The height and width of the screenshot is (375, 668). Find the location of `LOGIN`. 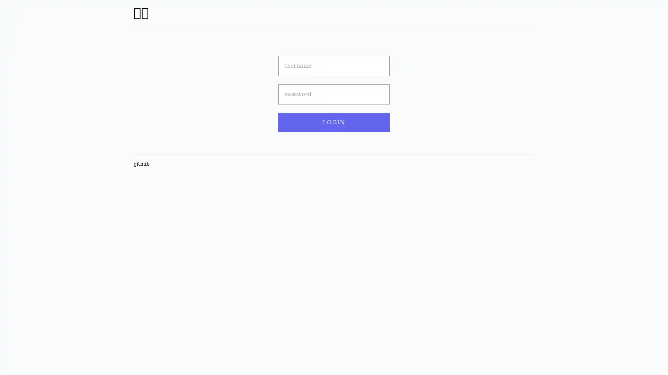

LOGIN is located at coordinates (334, 122).